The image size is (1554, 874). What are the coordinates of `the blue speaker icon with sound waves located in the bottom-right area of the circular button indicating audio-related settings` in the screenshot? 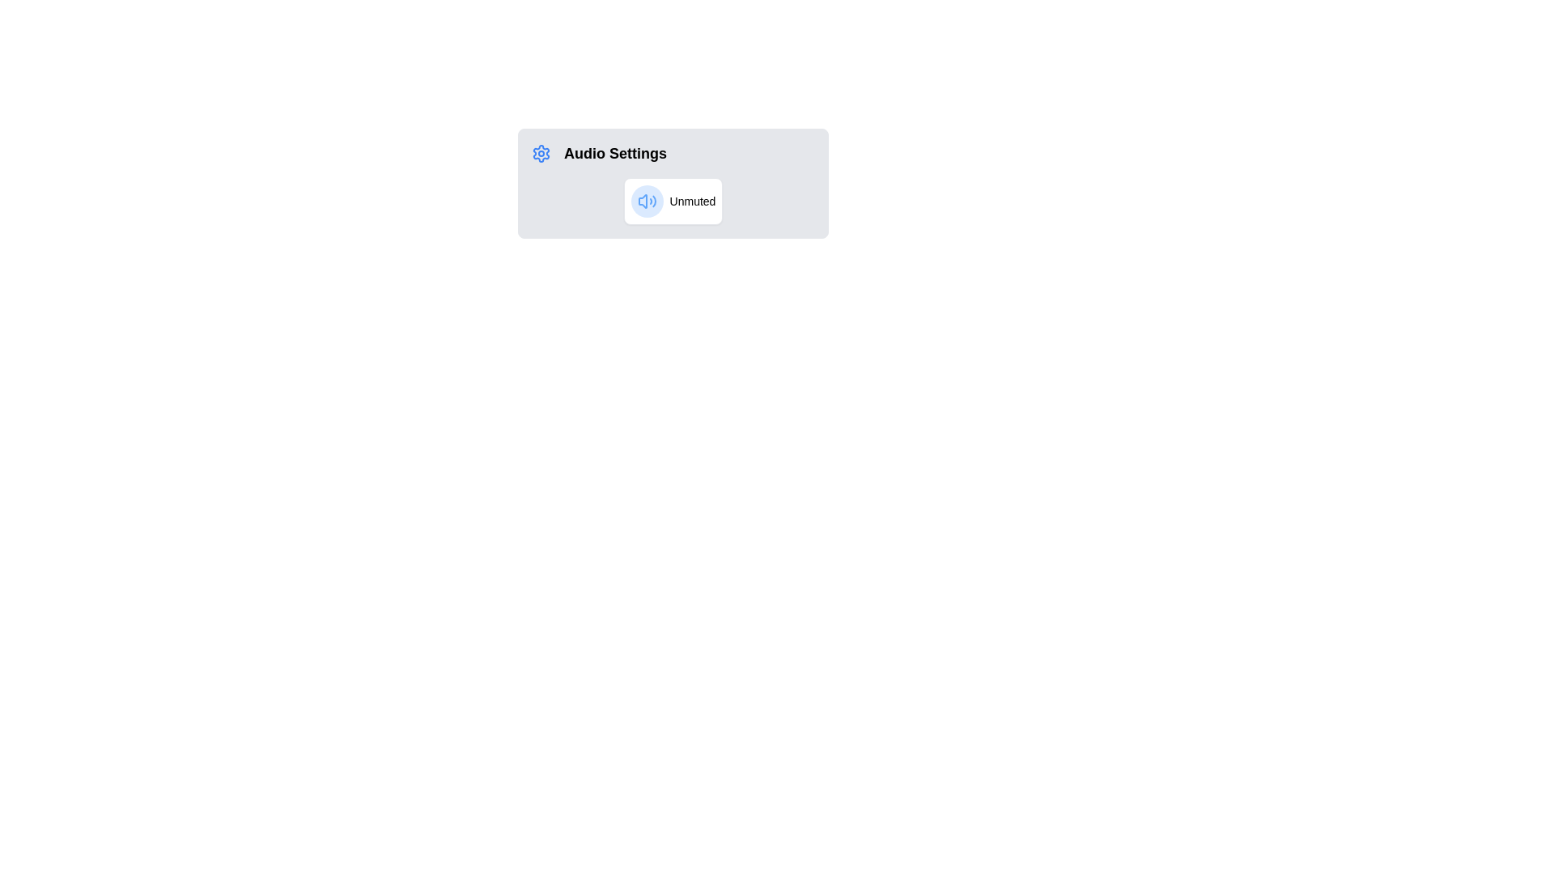 It's located at (646, 201).